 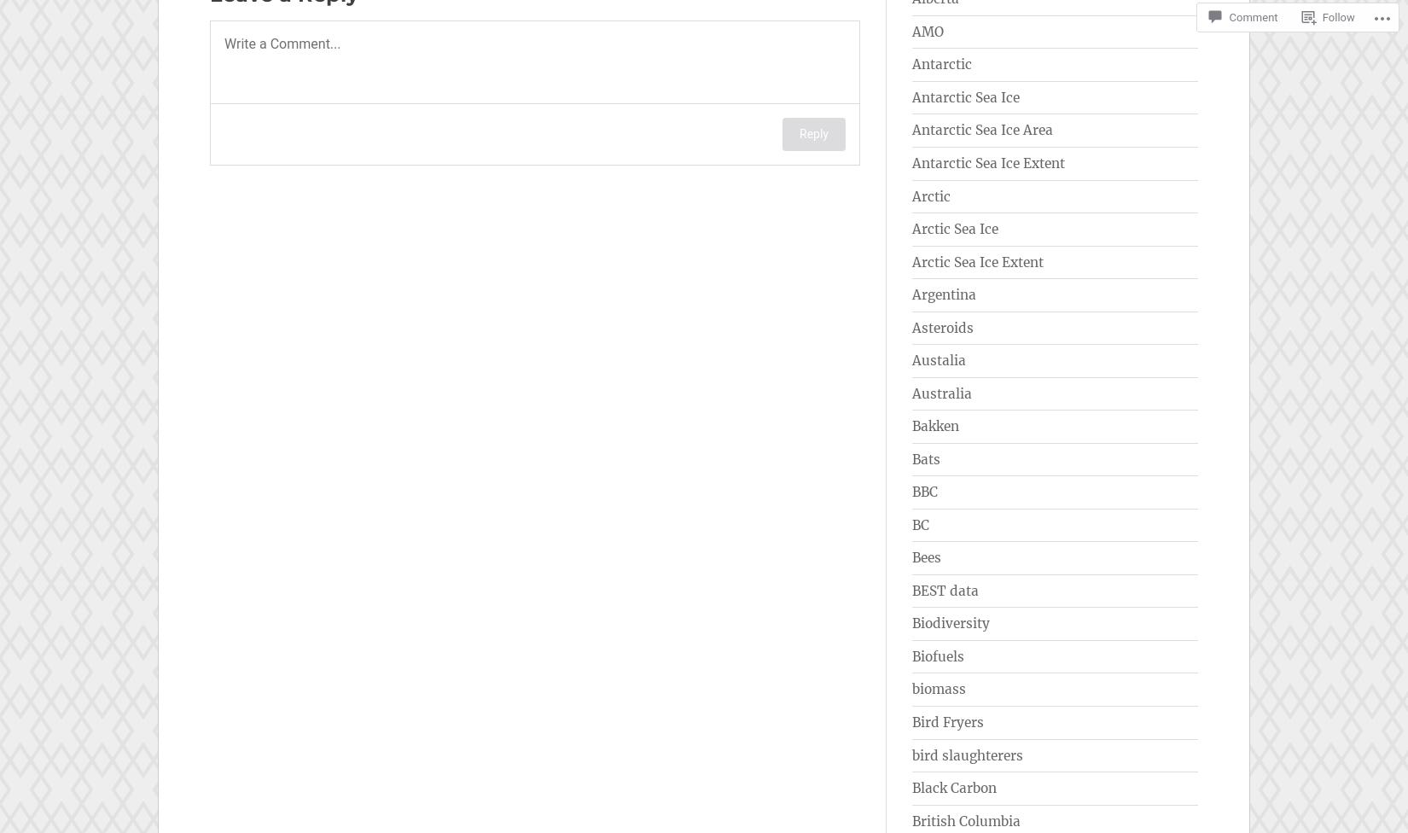 What do you see at coordinates (939, 689) in the screenshot?
I see `'biomass'` at bounding box center [939, 689].